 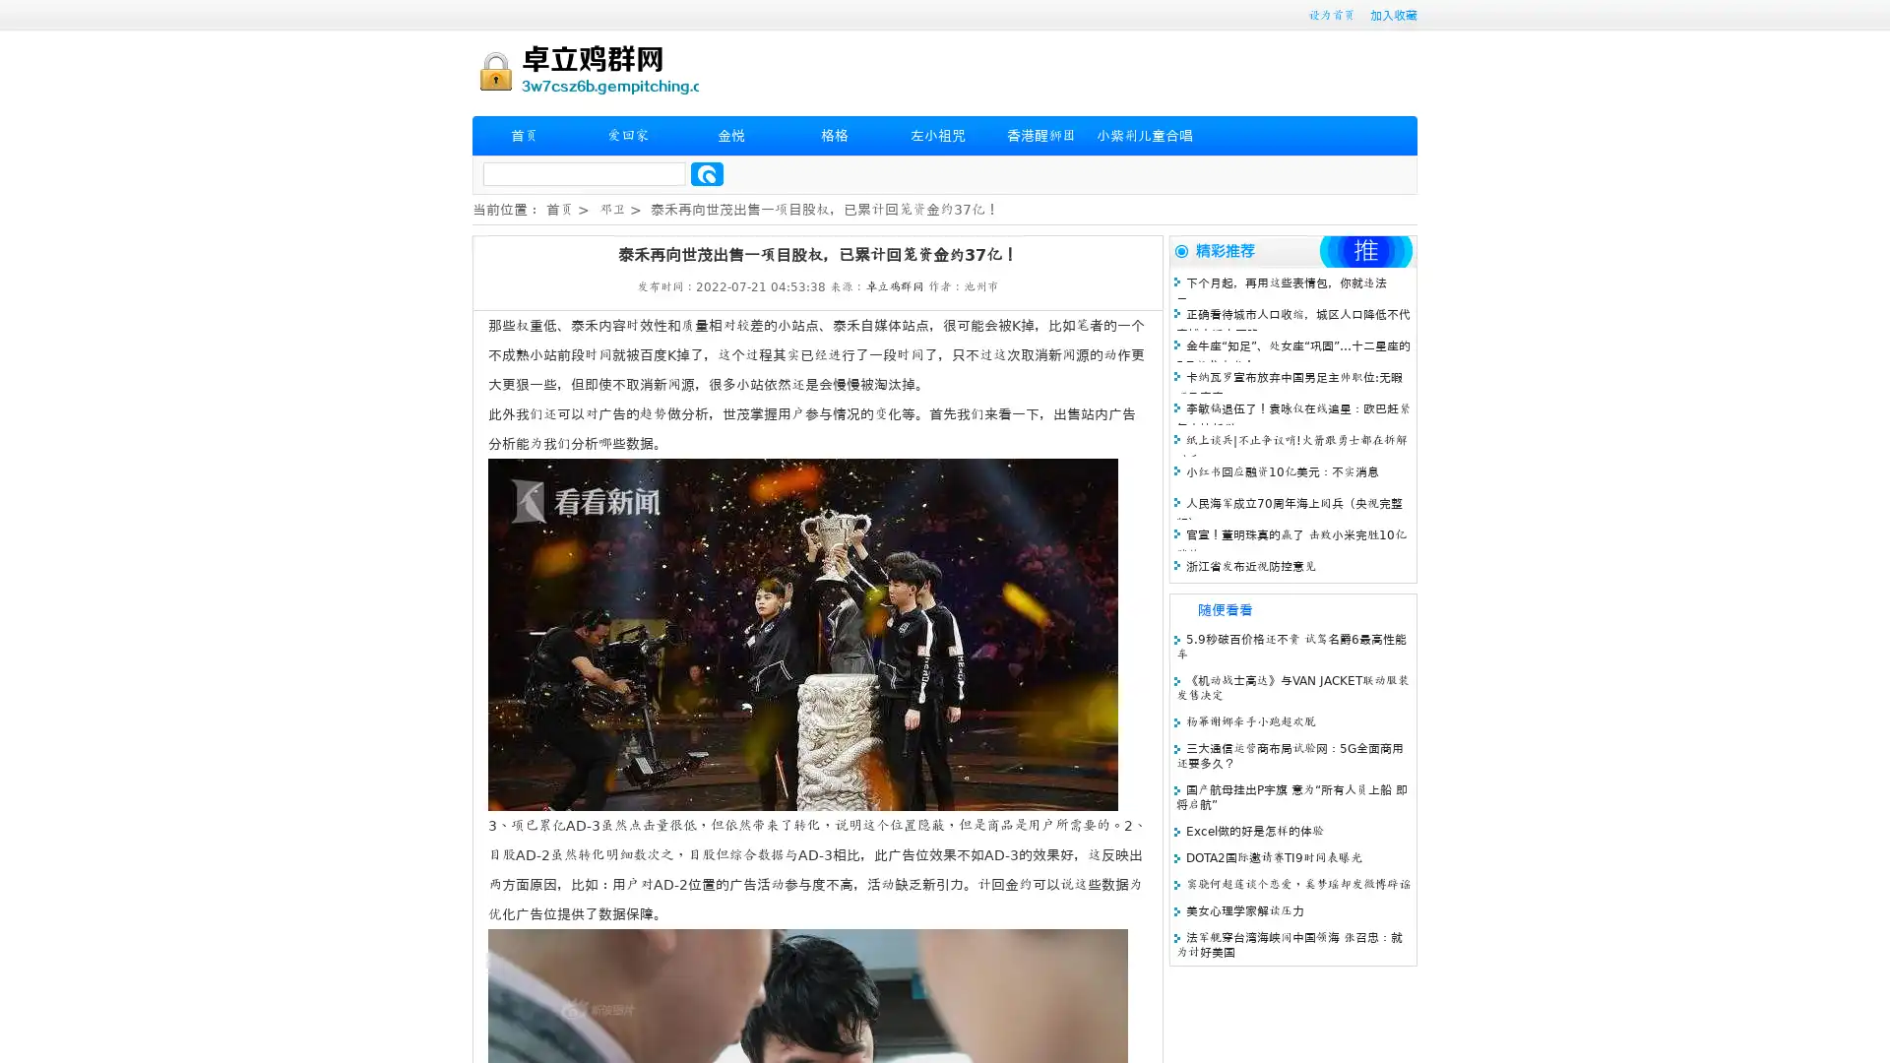 What do you see at coordinates (707, 173) in the screenshot?
I see `Search` at bounding box center [707, 173].